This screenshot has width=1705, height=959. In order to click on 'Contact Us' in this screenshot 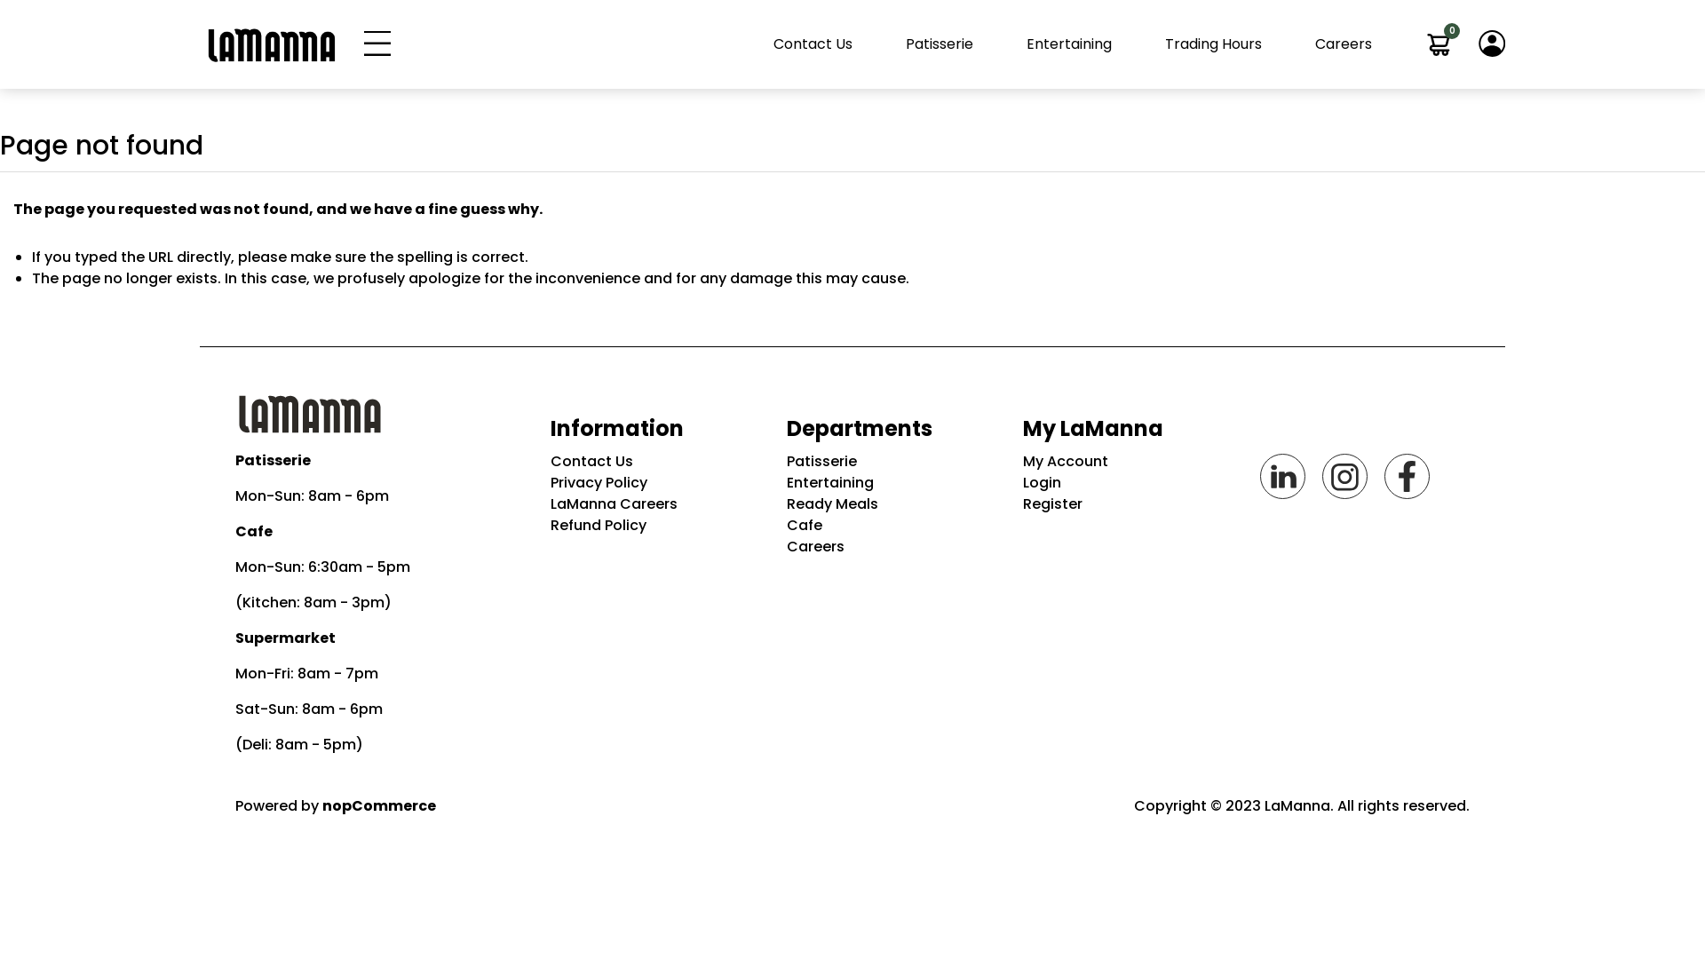, I will do `click(549, 461)`.